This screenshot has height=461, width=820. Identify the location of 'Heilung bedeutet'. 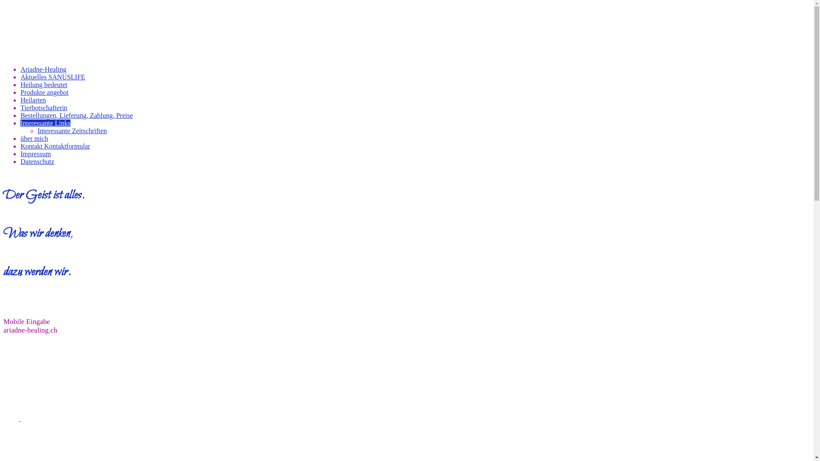
(43, 85).